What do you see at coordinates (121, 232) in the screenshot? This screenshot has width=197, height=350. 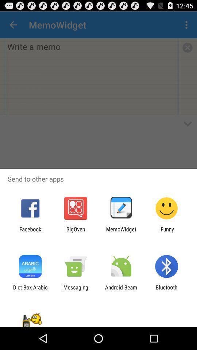 I see `the item next to the ifunny icon` at bounding box center [121, 232].